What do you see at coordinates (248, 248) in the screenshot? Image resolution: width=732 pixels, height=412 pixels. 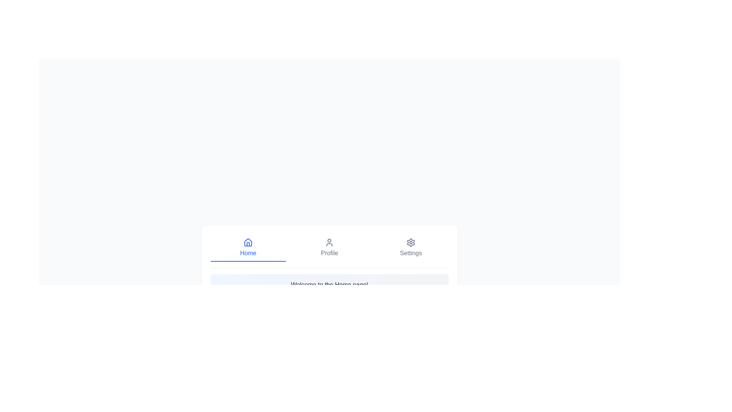 I see `the Home tab by clicking its button` at bounding box center [248, 248].